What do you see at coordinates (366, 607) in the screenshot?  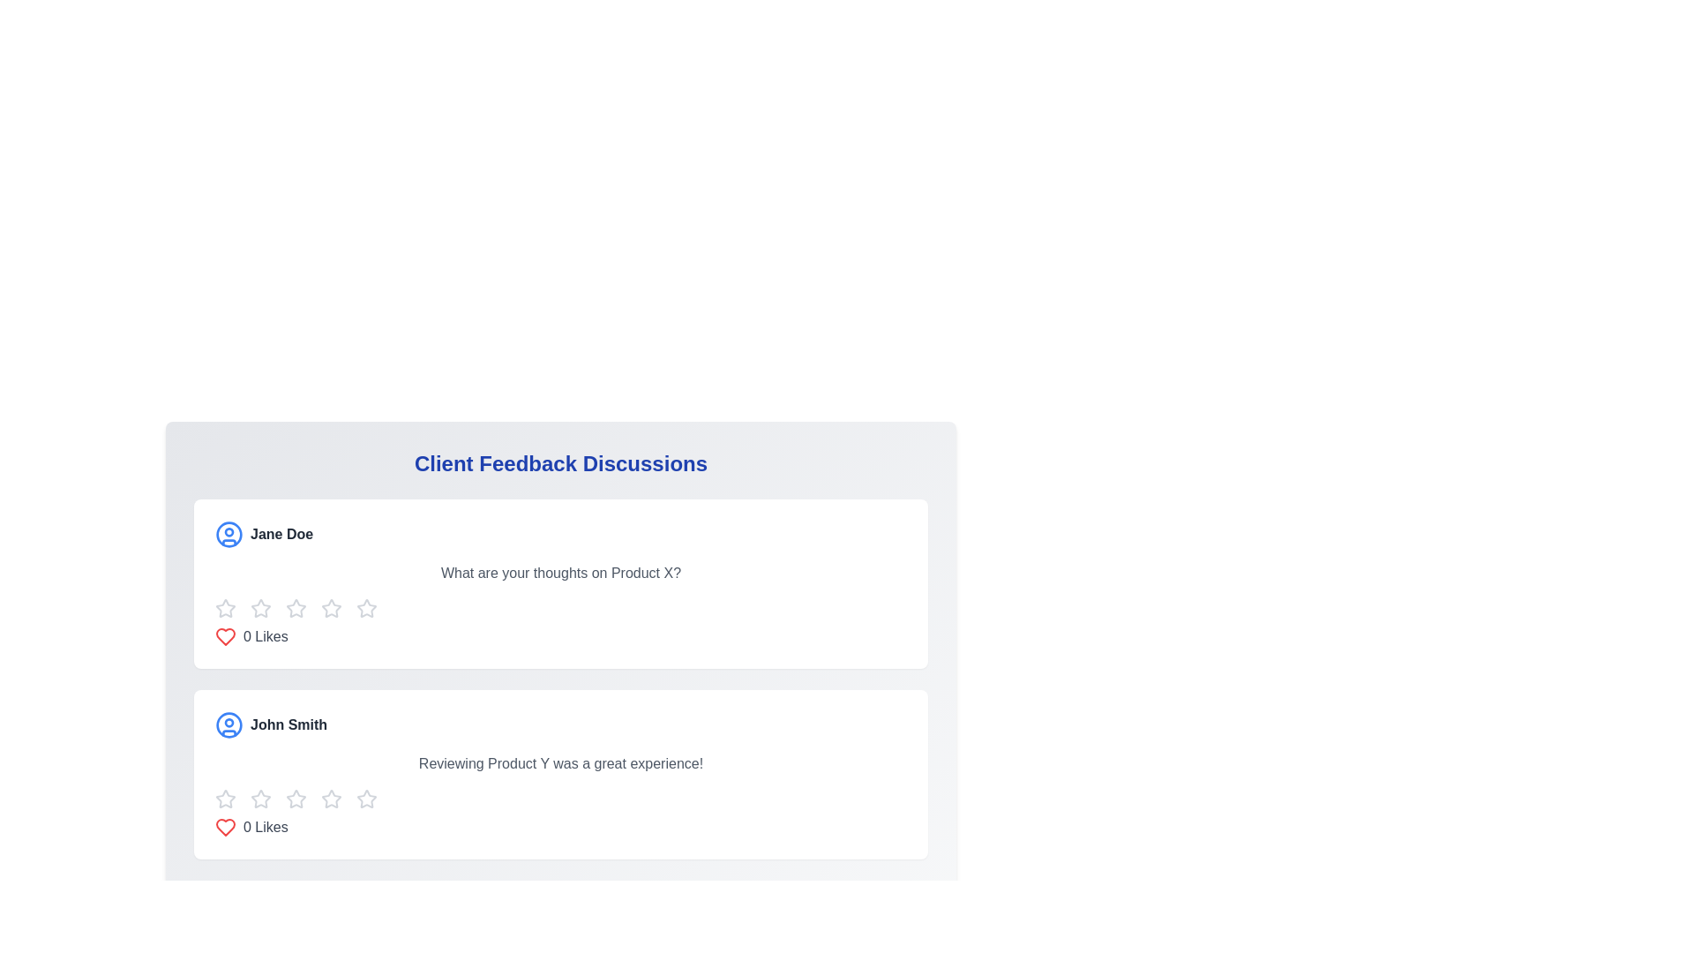 I see `the fourth star icon in the rating section below Jane Doe's message` at bounding box center [366, 607].